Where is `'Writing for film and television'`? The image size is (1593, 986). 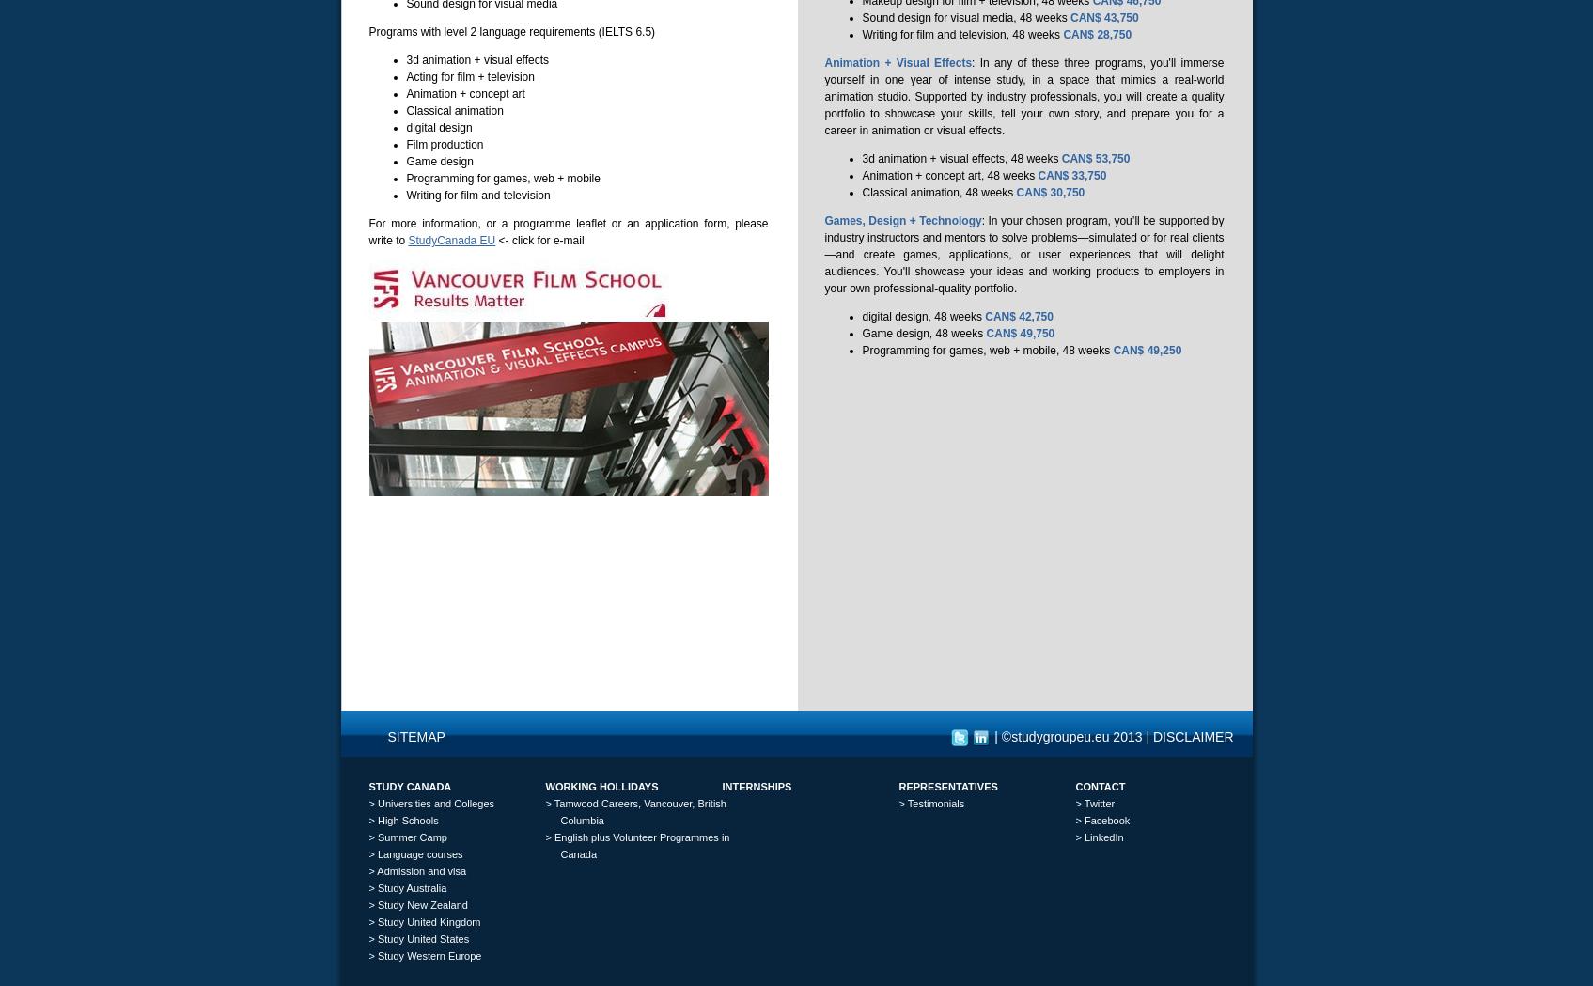
'Writing for film and television' is located at coordinates (476, 196).